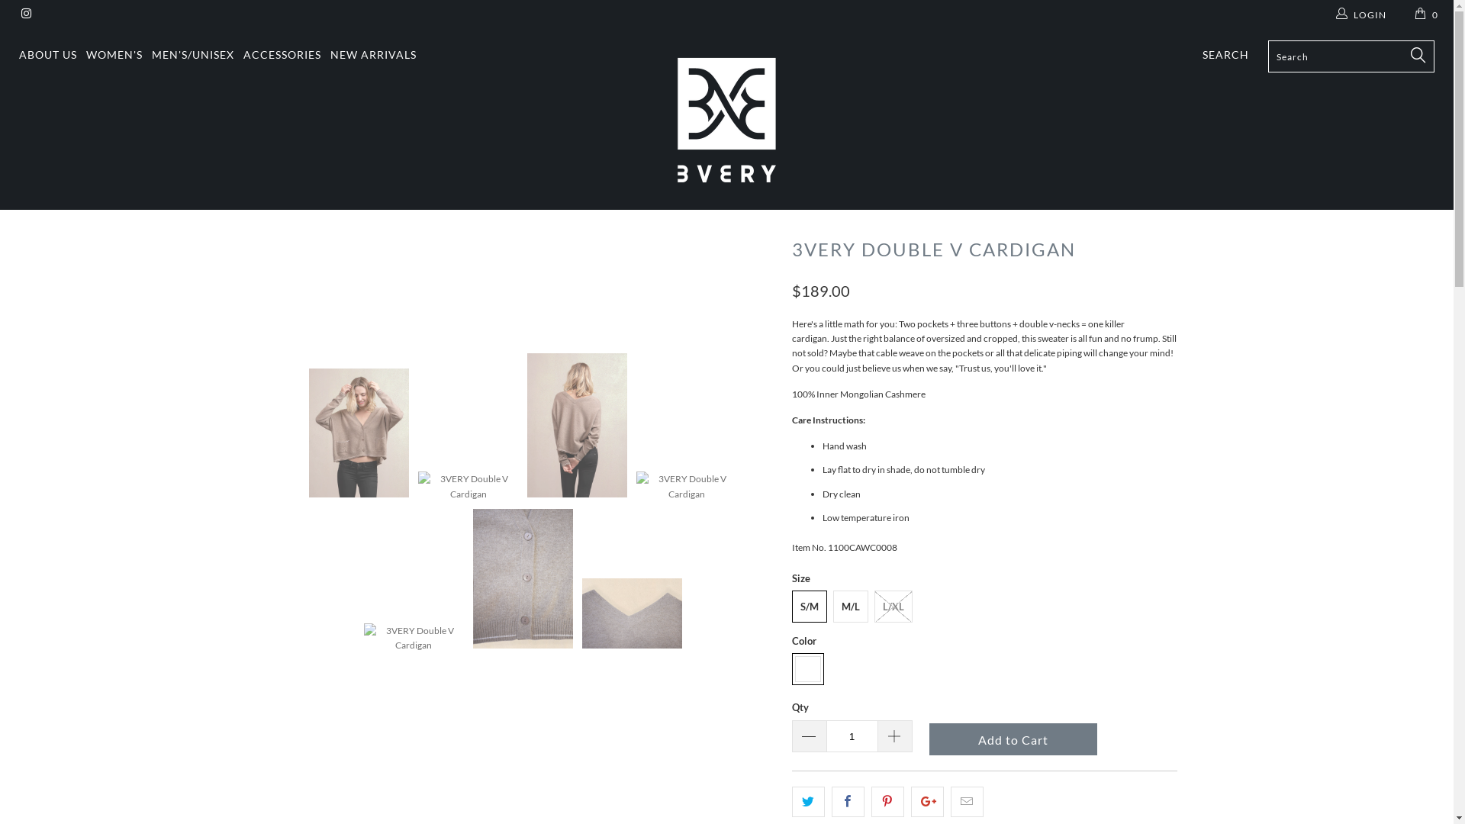 The width and height of the screenshot is (1465, 824). I want to click on 'ACCESSORIES', so click(282, 54).